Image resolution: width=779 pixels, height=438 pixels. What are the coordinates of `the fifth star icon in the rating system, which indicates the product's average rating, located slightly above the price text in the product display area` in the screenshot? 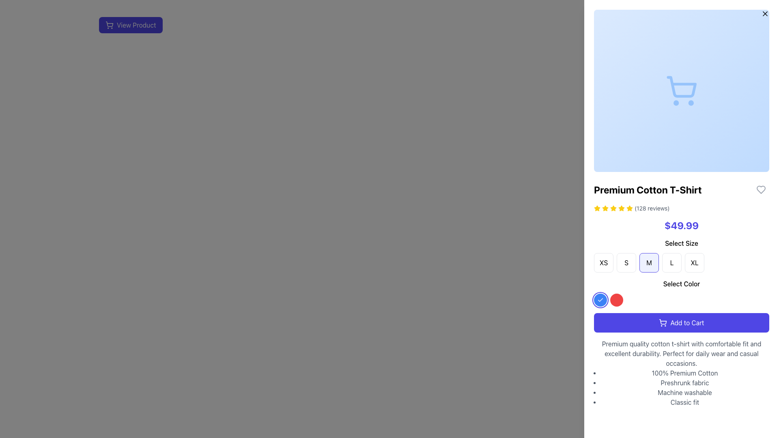 It's located at (621, 208).